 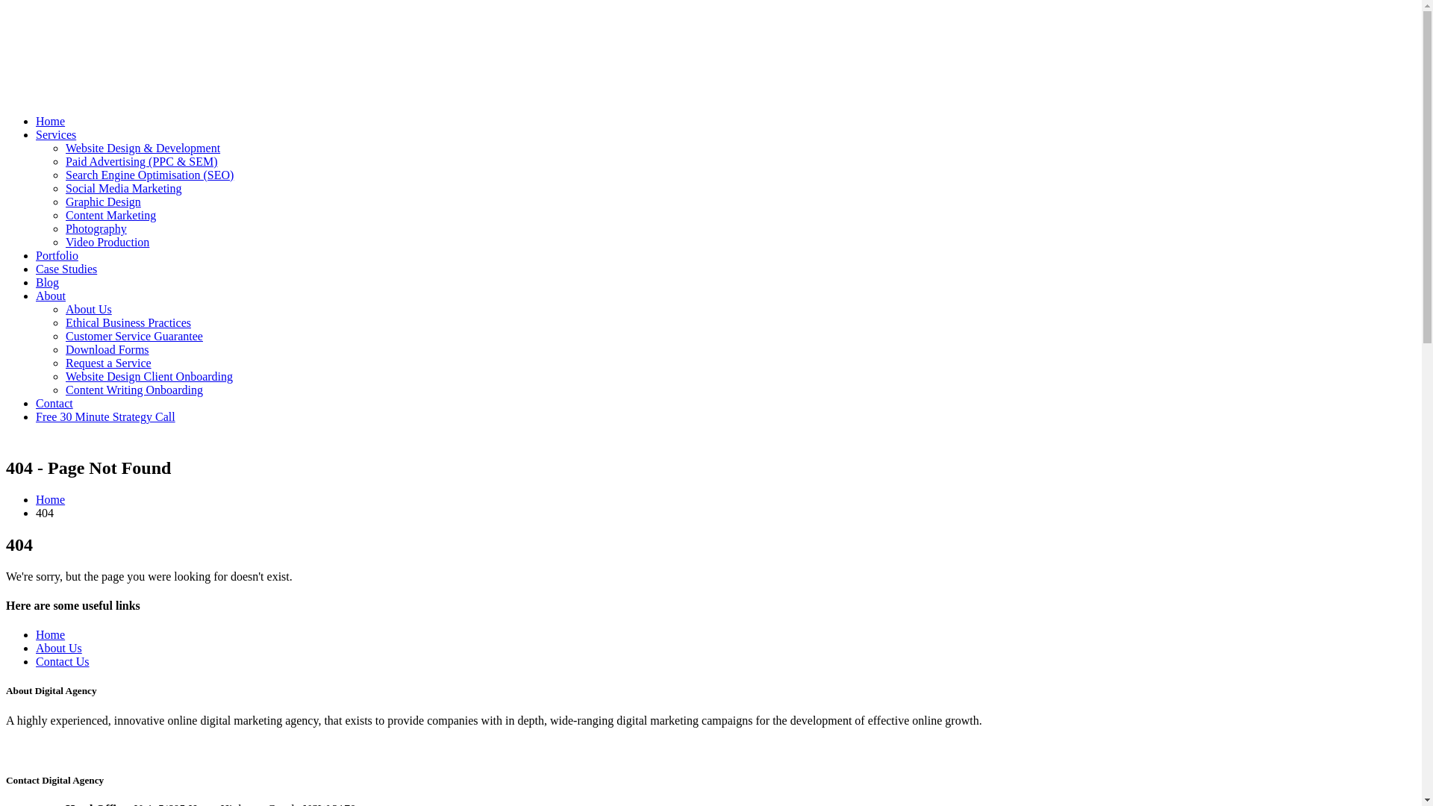 I want to click on 'Home', so click(x=36, y=499).